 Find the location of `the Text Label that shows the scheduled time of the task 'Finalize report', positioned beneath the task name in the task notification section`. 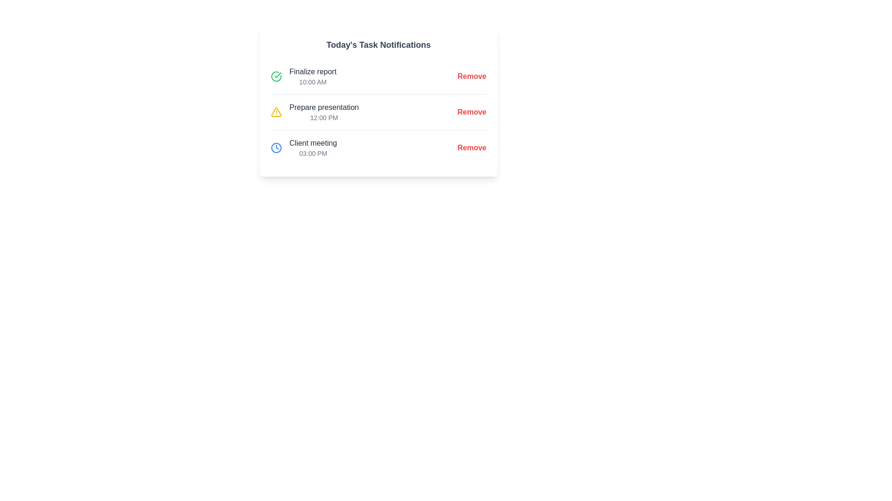

the Text Label that shows the scheduled time of the task 'Finalize report', positioned beneath the task name in the task notification section is located at coordinates (313, 82).